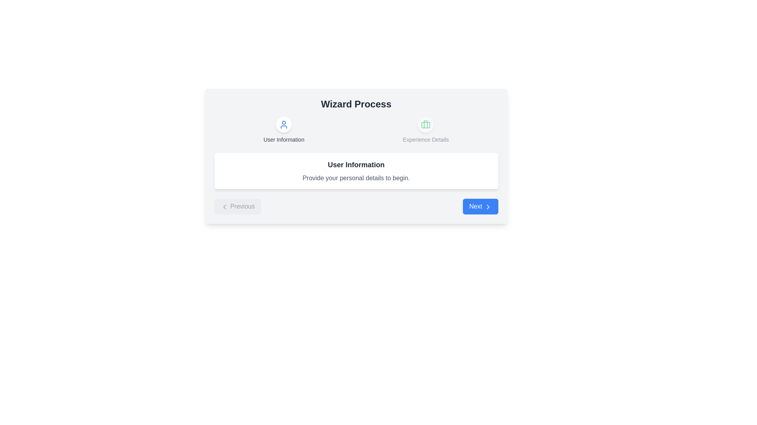 The height and width of the screenshot is (425, 757). What do you see at coordinates (284, 124) in the screenshot?
I see `the circular icon with a white background and blue outline of a user's silhouette, located in the 'User Information' section of the 'Wizard Process' card` at bounding box center [284, 124].